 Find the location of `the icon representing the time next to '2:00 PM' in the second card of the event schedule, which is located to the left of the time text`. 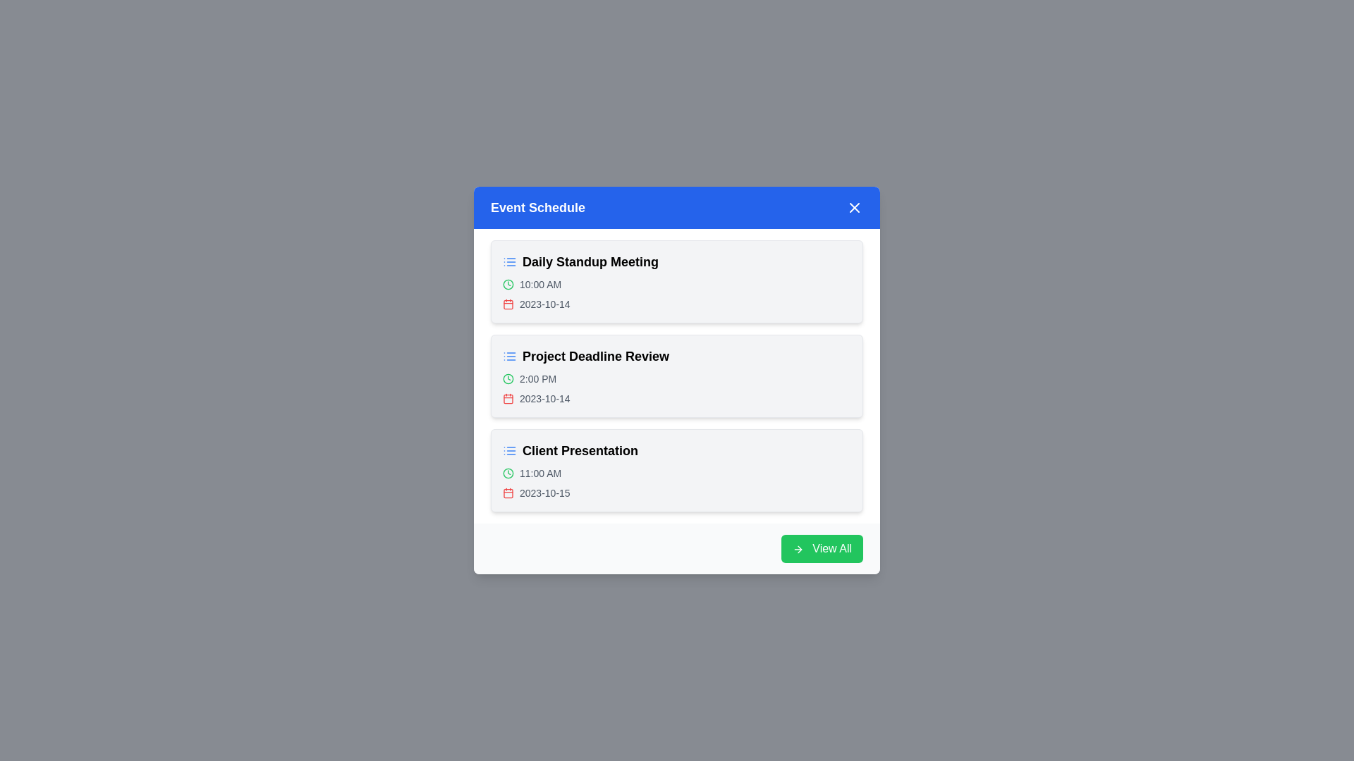

the icon representing the time next to '2:00 PM' in the second card of the event schedule, which is located to the left of the time text is located at coordinates (508, 378).